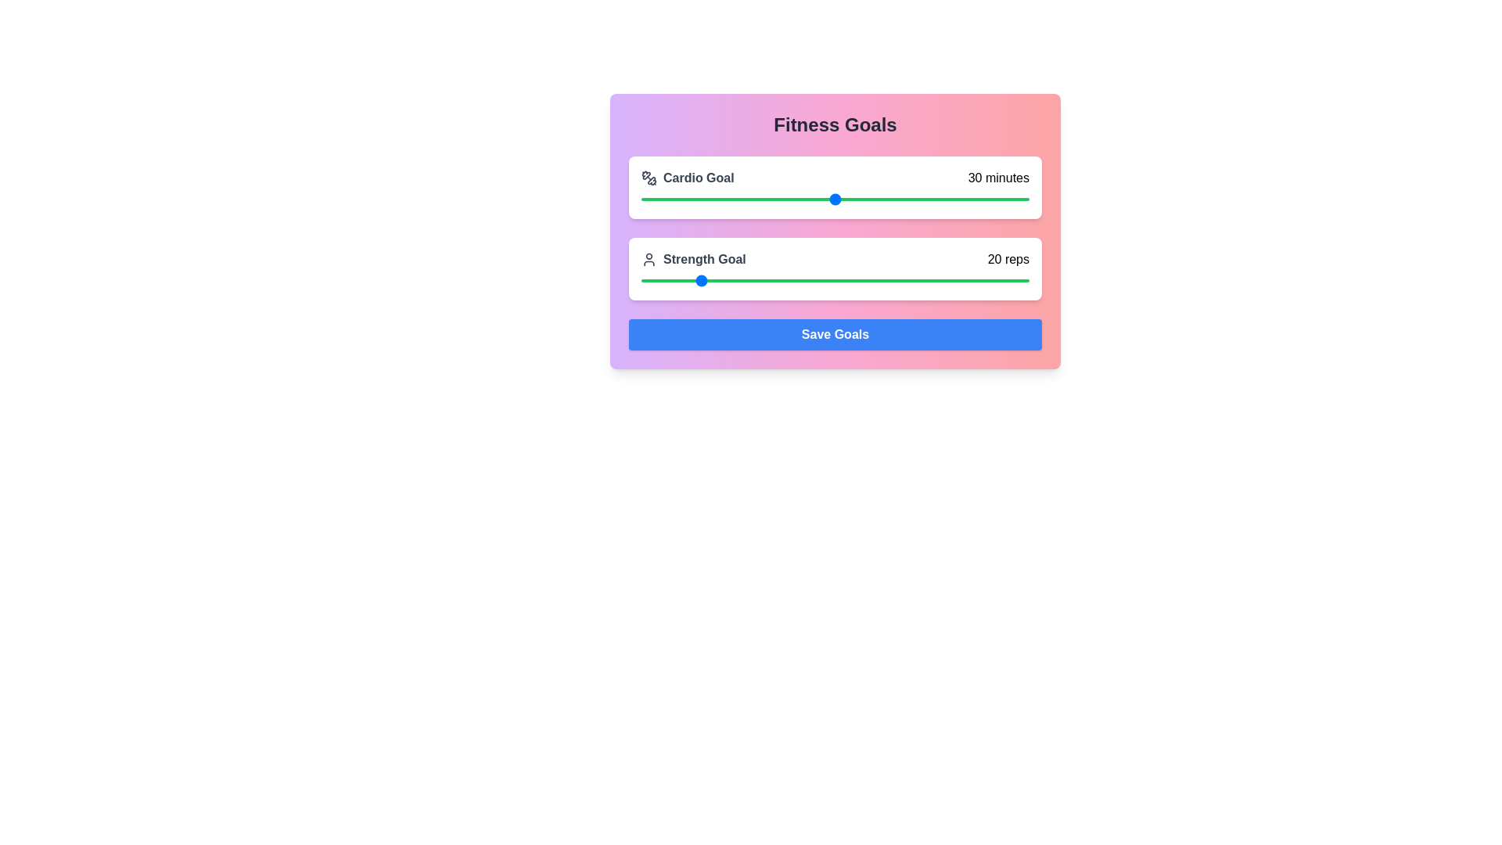  Describe the element at coordinates (718, 198) in the screenshot. I see `the cardio goal` at that location.